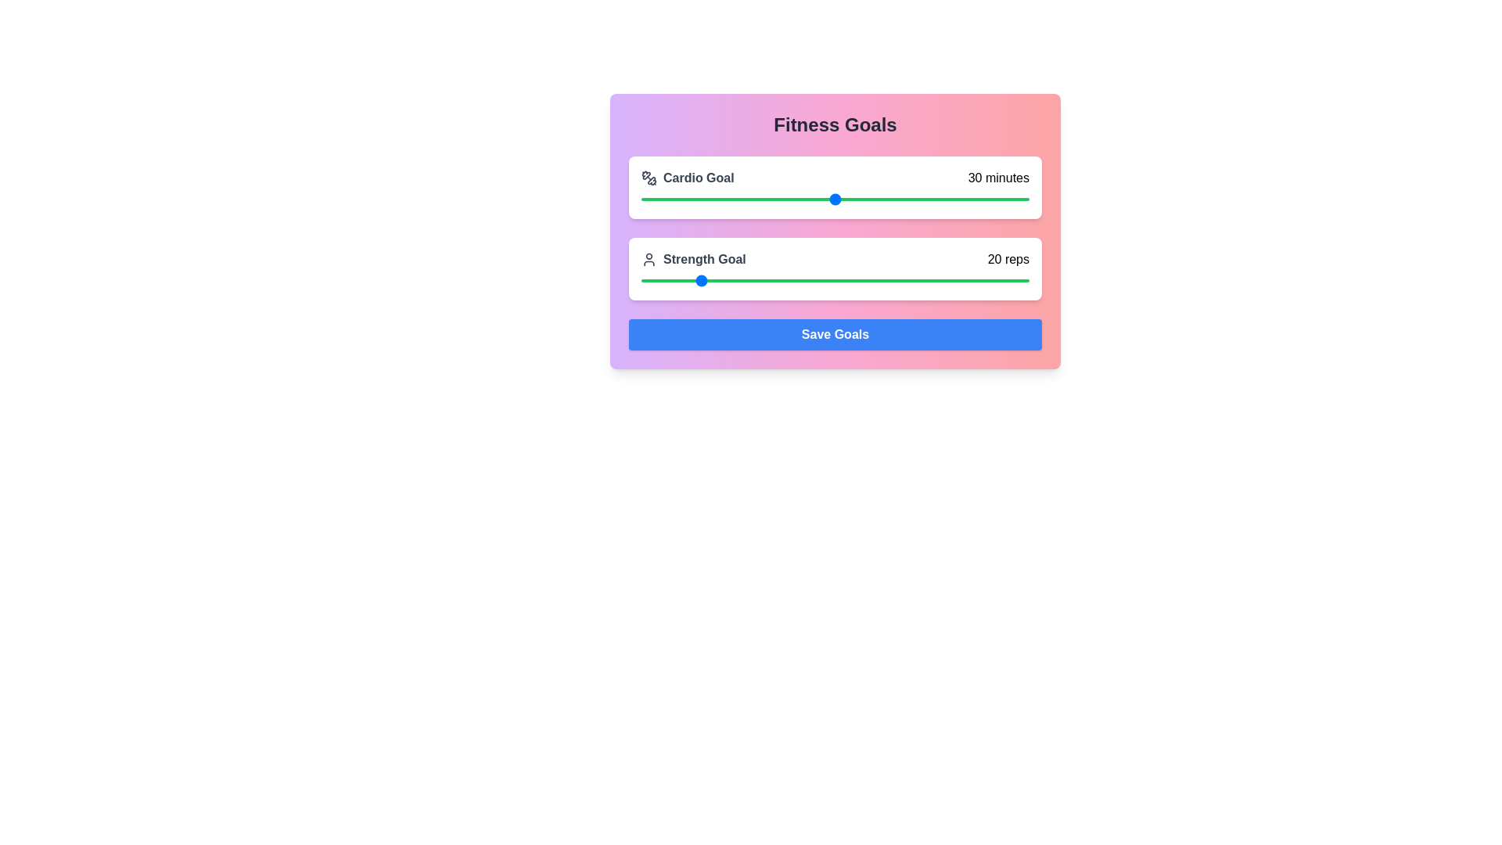  Describe the element at coordinates (718, 198) in the screenshot. I see `the cardio goal` at that location.